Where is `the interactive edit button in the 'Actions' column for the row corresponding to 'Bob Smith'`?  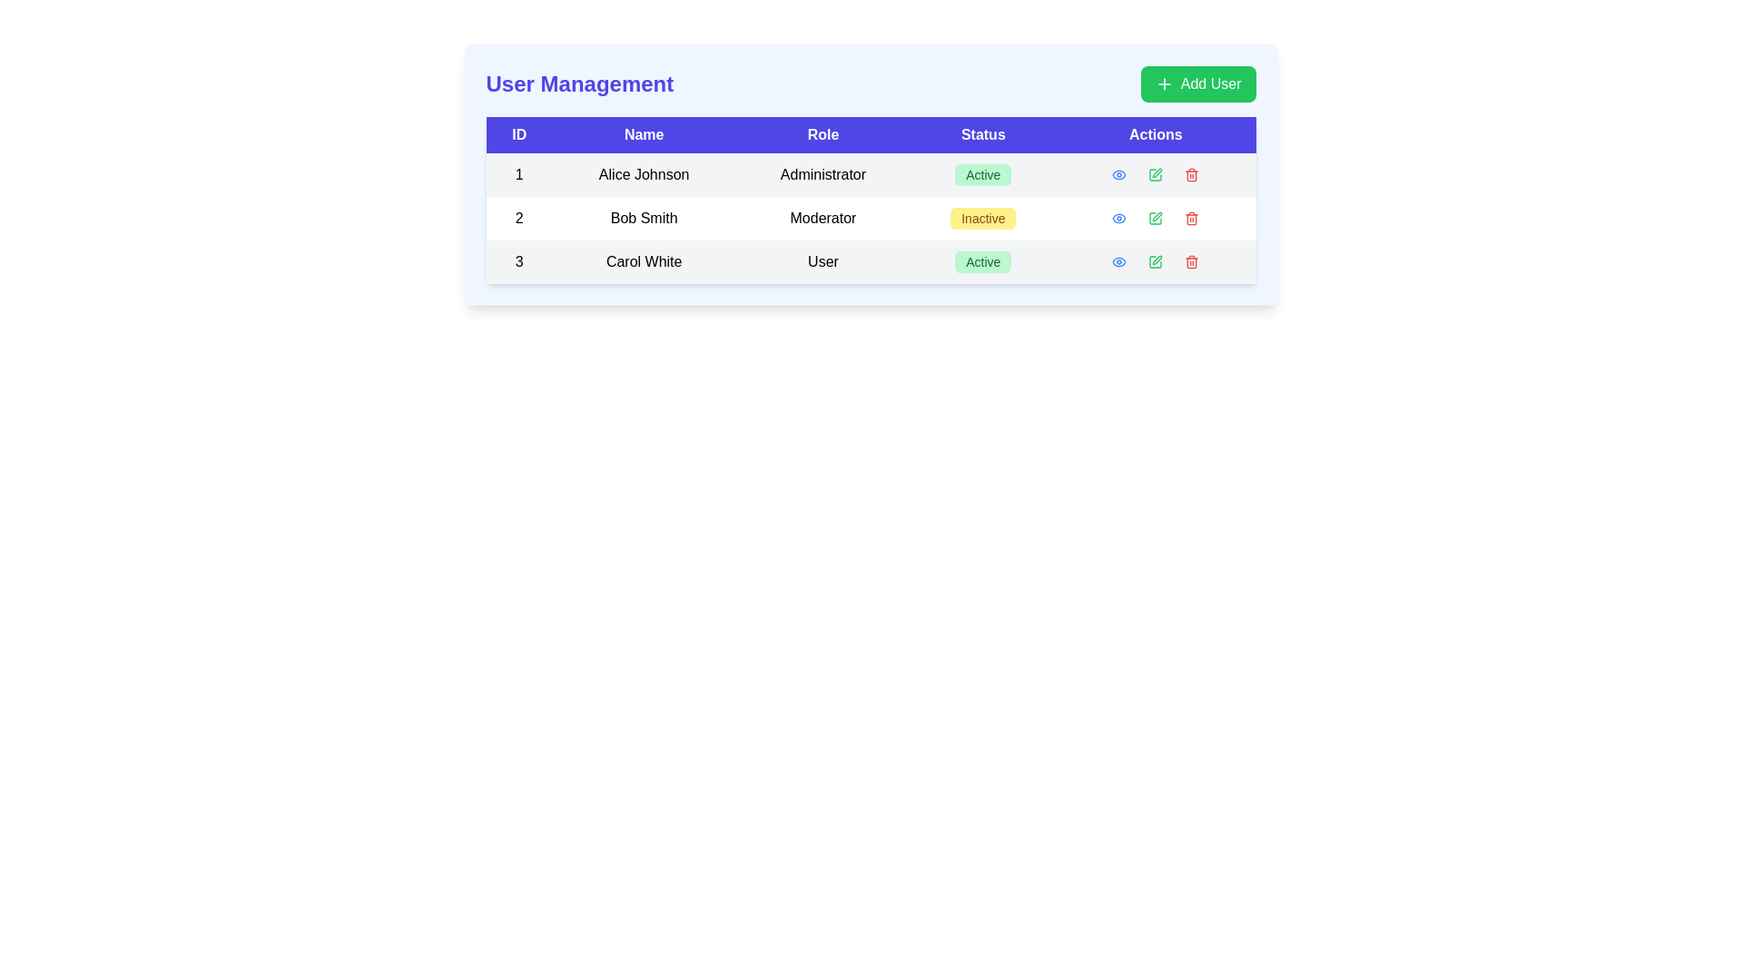
the interactive edit button in the 'Actions' column for the row corresponding to 'Bob Smith' is located at coordinates (1155, 217).